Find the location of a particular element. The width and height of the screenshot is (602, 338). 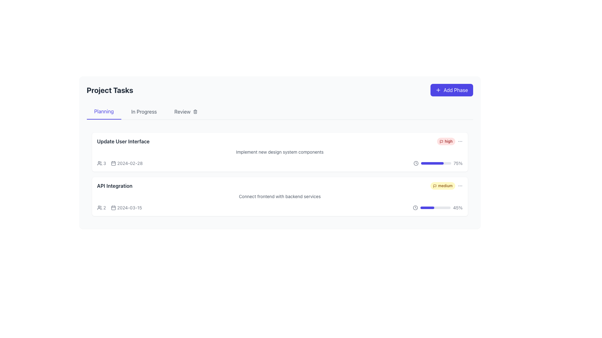

the calendar icon, which is a minimalistic design with a box outline and positioned to the left of the text '2024-02-28' in the 'Update User Interface' task section is located at coordinates (114, 163).